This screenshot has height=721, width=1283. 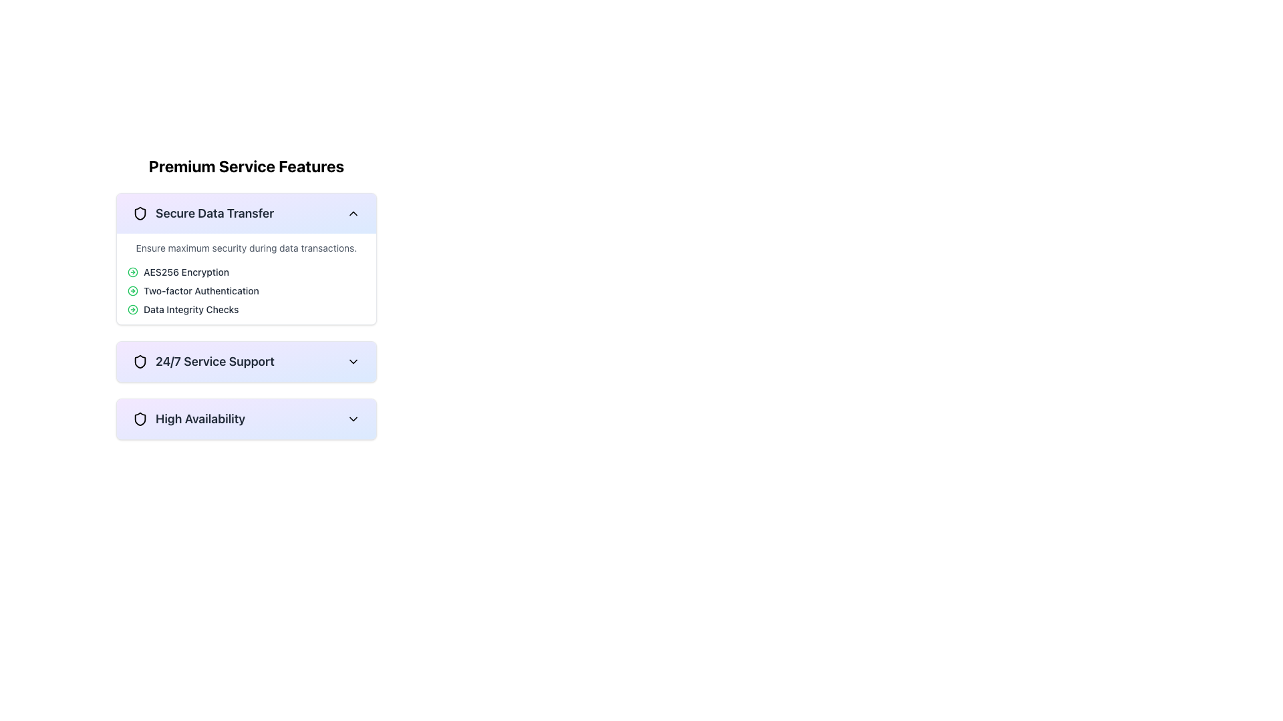 What do you see at coordinates (202, 362) in the screenshot?
I see `the '24/7 Service Support' Collapsible Section Header` at bounding box center [202, 362].